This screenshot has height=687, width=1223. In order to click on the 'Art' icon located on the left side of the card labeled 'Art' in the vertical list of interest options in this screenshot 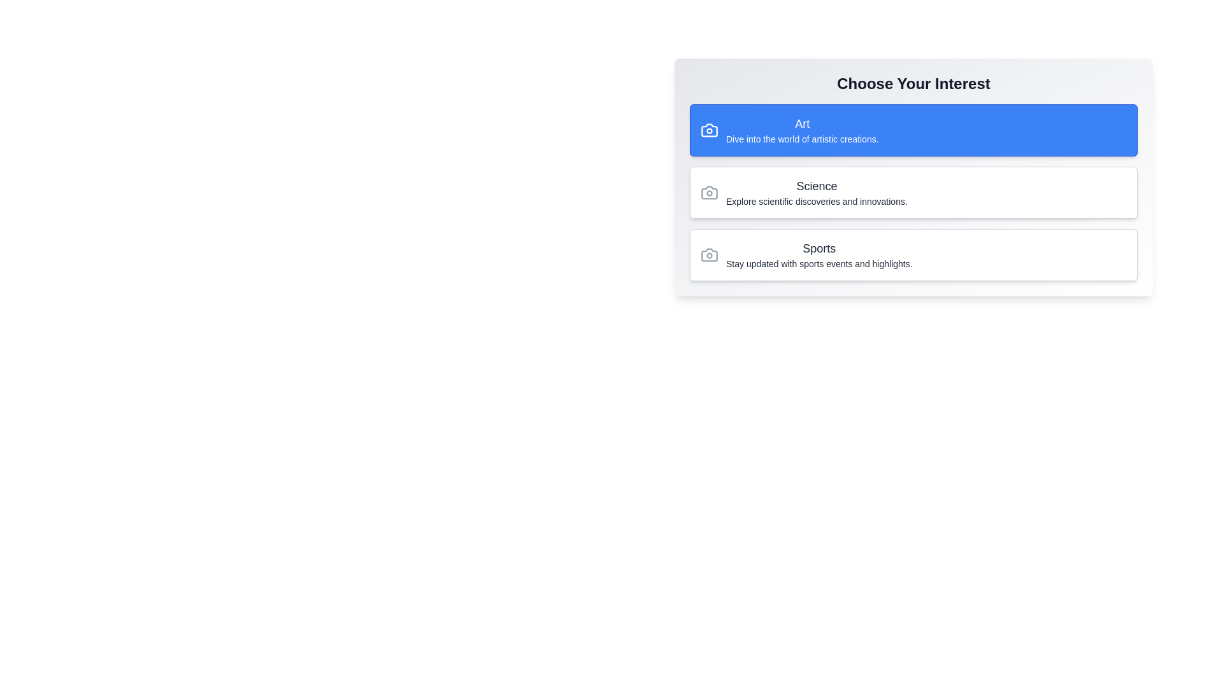, I will do `click(708, 130)`.